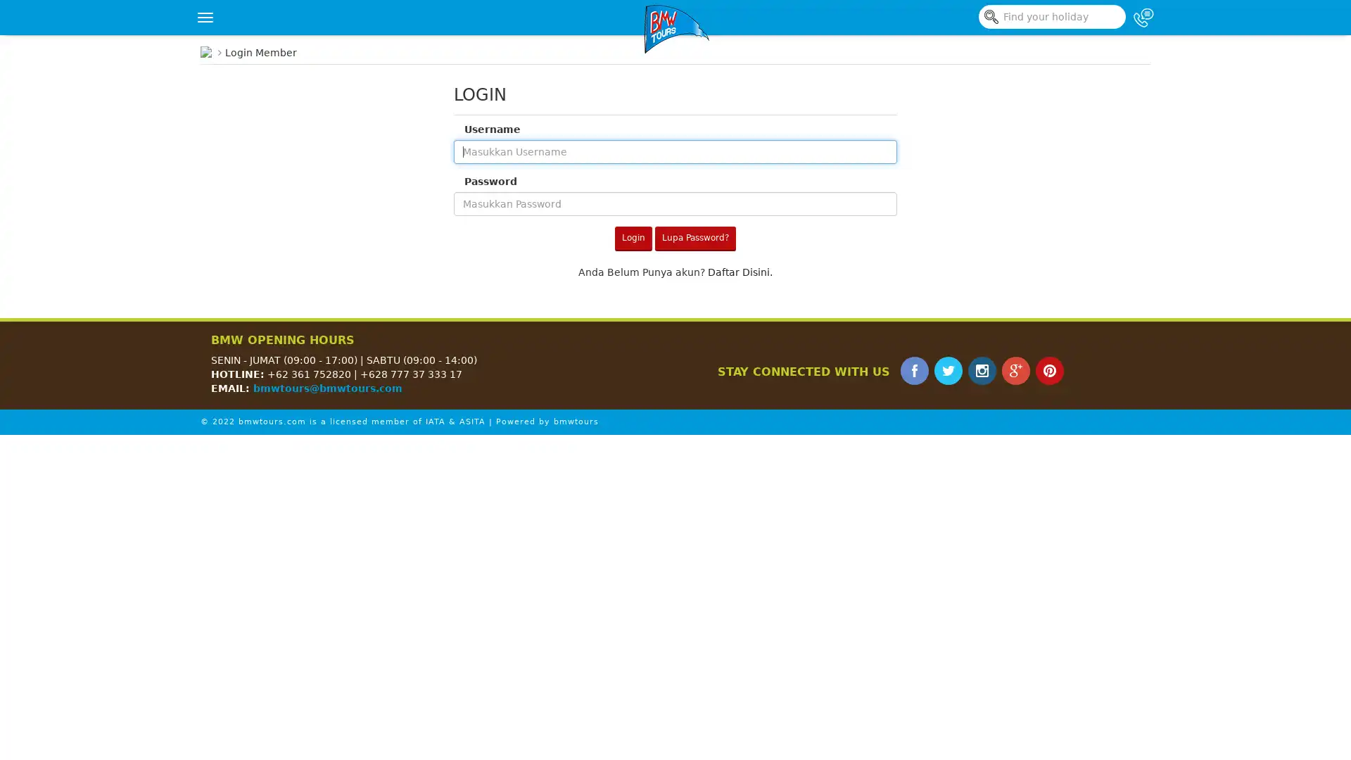  What do you see at coordinates (633, 238) in the screenshot?
I see `Login` at bounding box center [633, 238].